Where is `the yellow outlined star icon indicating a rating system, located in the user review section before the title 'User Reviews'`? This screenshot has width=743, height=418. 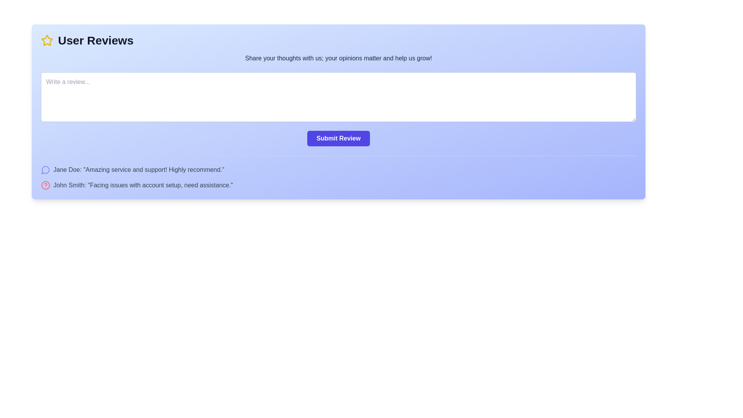
the yellow outlined star icon indicating a rating system, located in the user review section before the title 'User Reviews' is located at coordinates (46, 40).